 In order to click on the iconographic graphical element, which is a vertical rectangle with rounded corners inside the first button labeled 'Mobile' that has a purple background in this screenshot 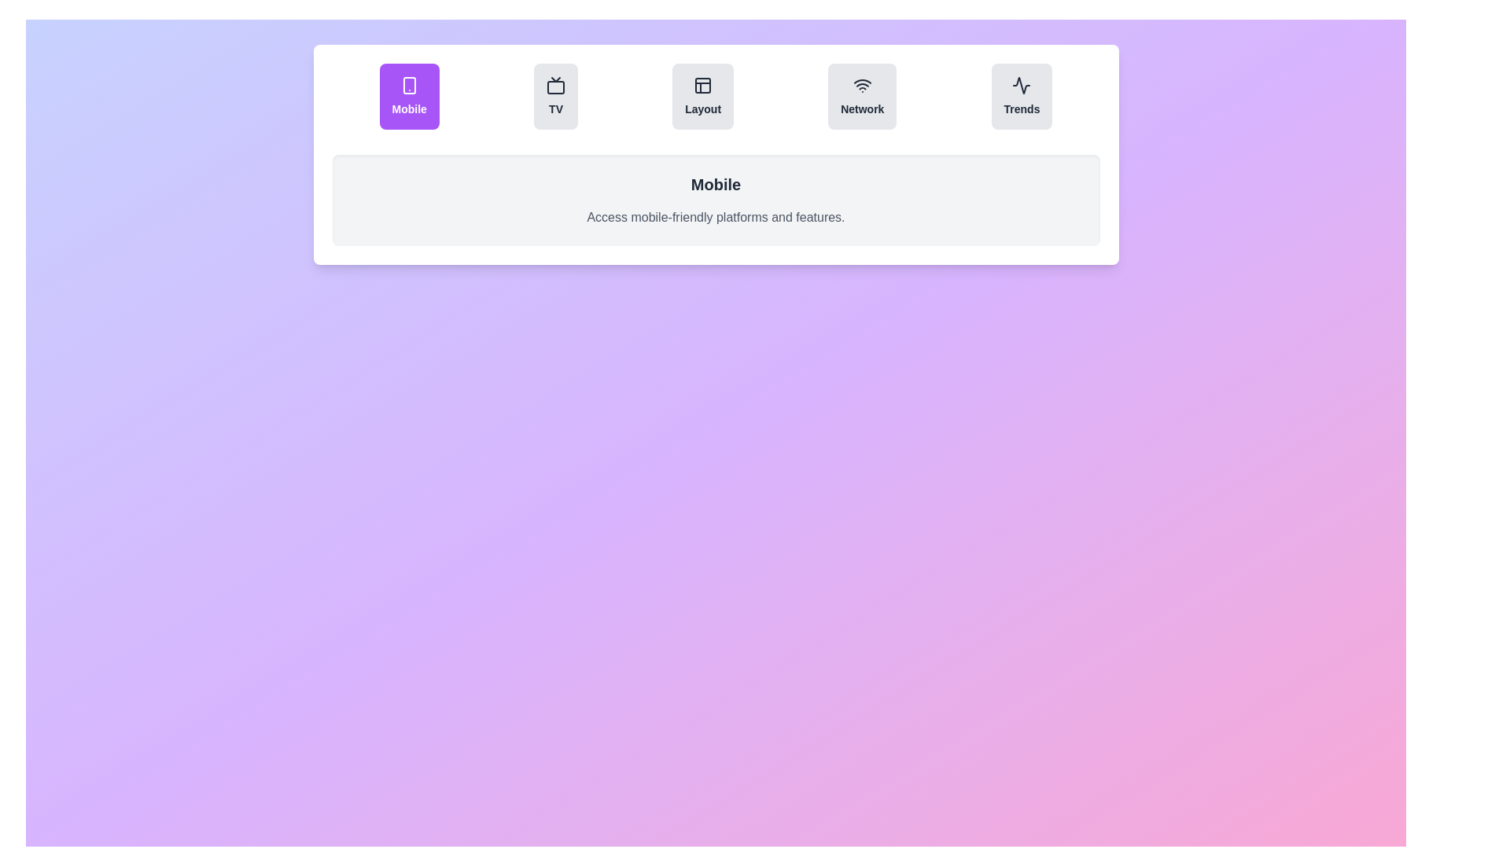, I will do `click(409, 85)`.